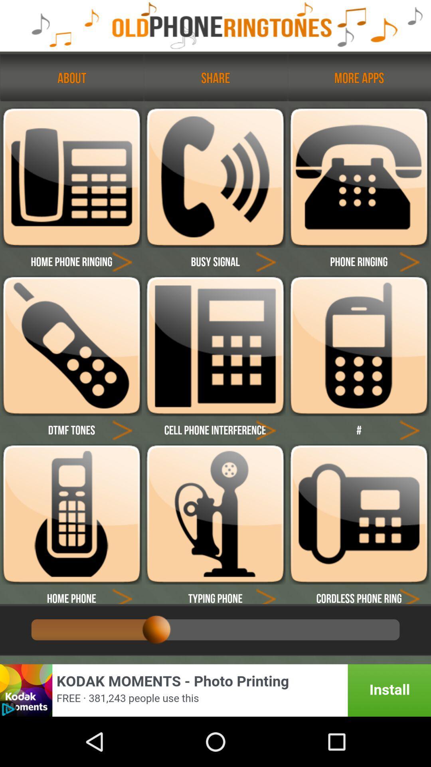  I want to click on preview ringtone, so click(122, 261).